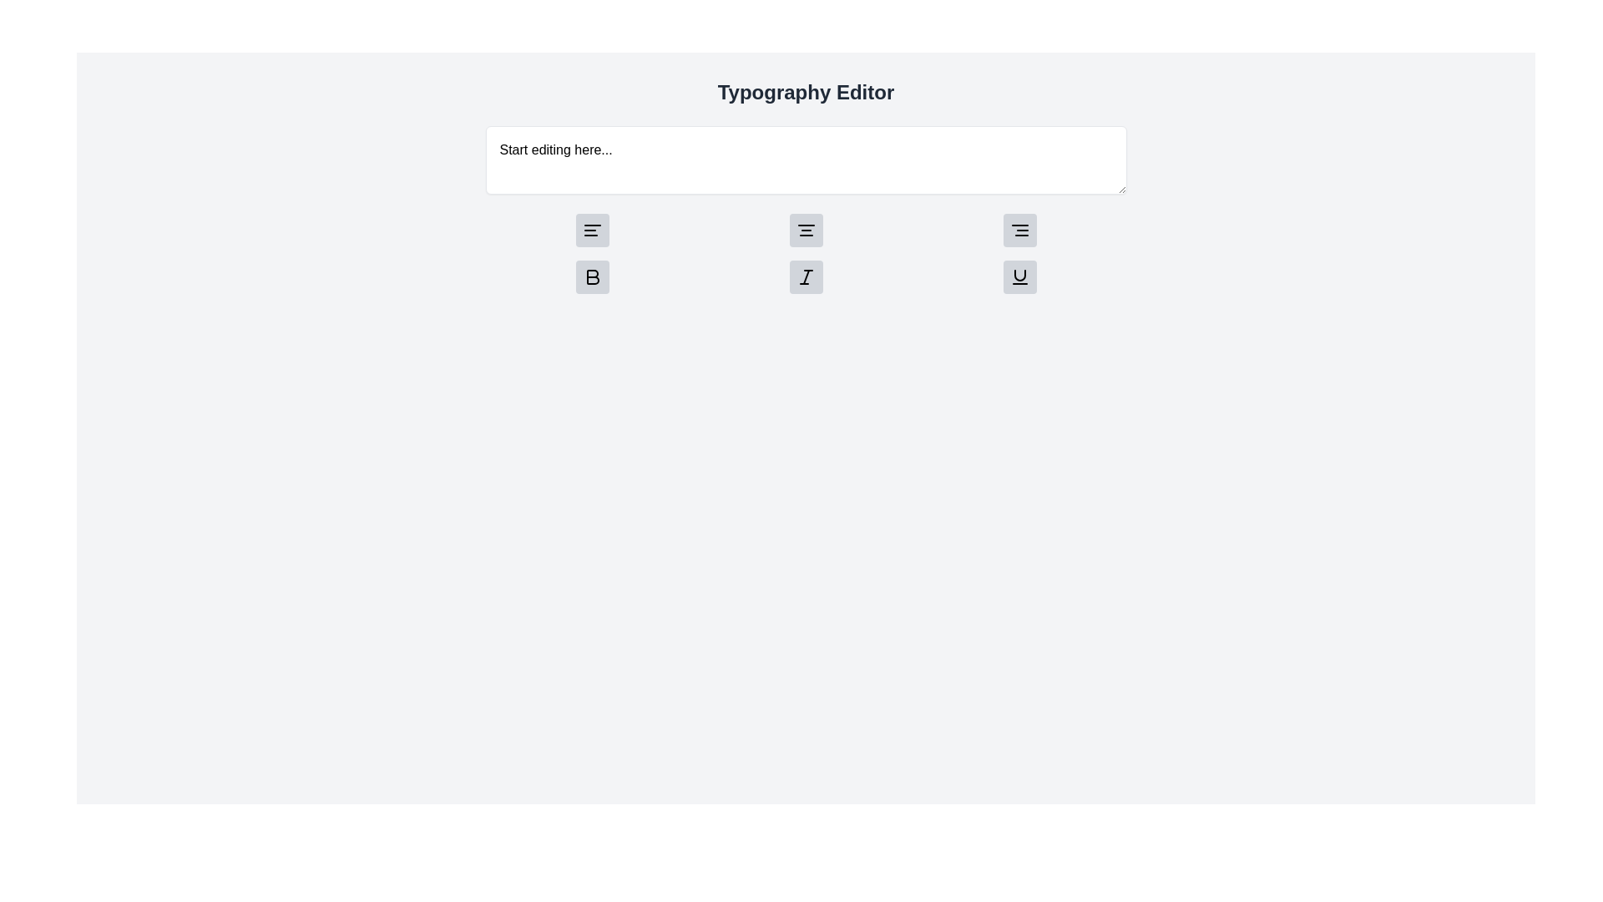 Image resolution: width=1603 pixels, height=902 pixels. Describe the element at coordinates (806, 231) in the screenshot. I see `the center alignment button located in the grid of buttons below the 'Typography Editor' text input field` at that location.